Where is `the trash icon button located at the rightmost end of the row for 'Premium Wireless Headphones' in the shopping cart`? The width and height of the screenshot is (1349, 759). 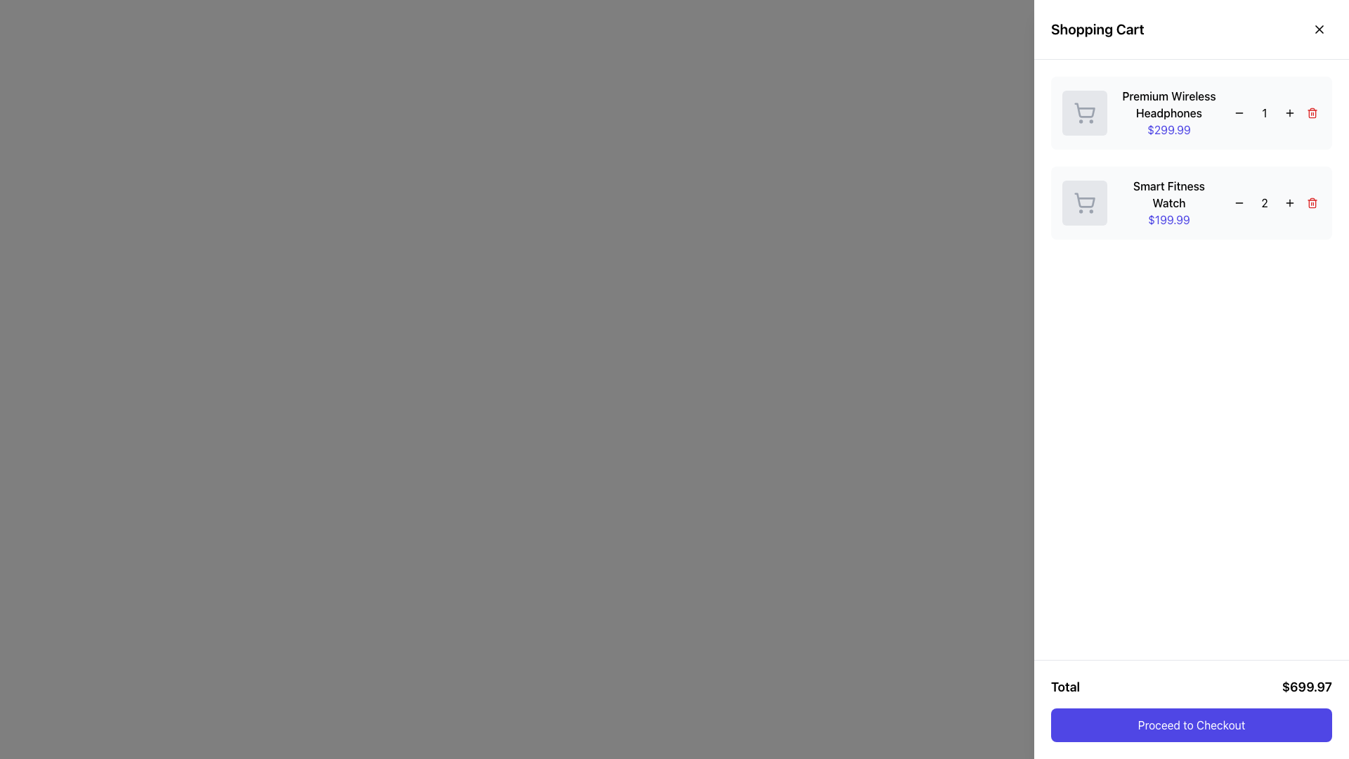
the trash icon button located at the rightmost end of the row for 'Premium Wireless Headphones' in the shopping cart is located at coordinates (1311, 112).